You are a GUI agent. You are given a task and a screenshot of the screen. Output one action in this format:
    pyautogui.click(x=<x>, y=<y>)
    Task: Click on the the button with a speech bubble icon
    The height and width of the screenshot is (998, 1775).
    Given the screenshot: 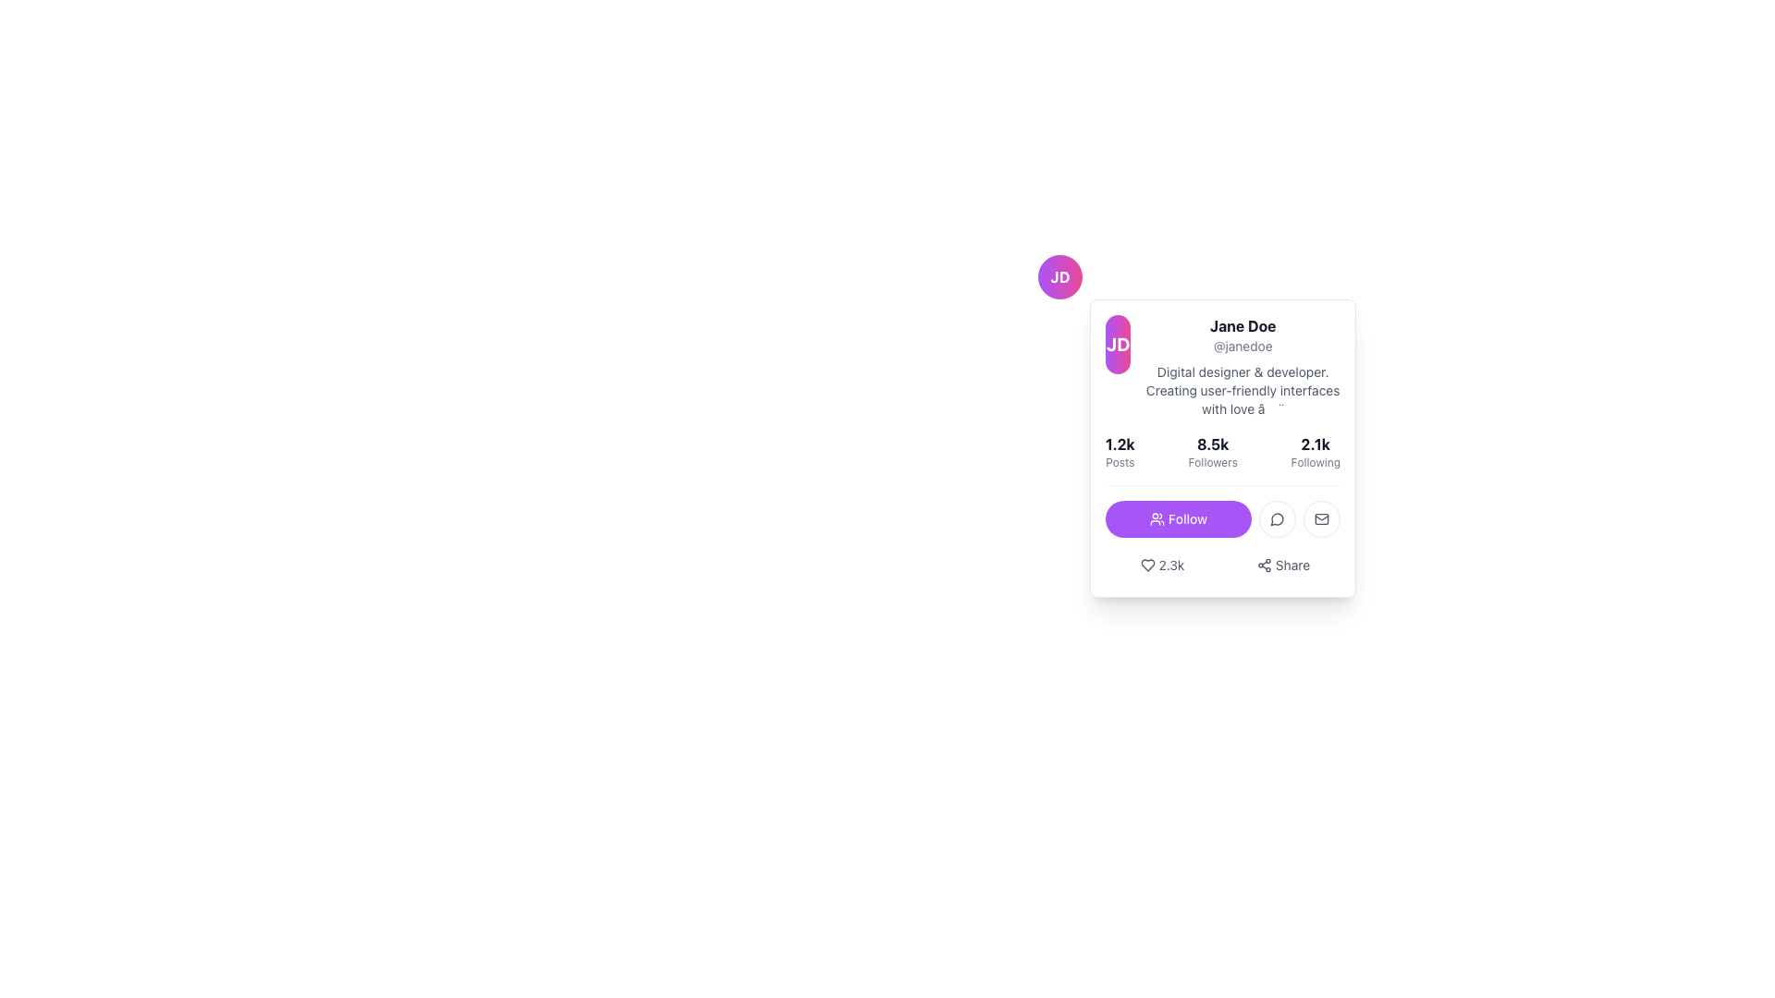 What is the action you would take?
    pyautogui.click(x=1277, y=519)
    